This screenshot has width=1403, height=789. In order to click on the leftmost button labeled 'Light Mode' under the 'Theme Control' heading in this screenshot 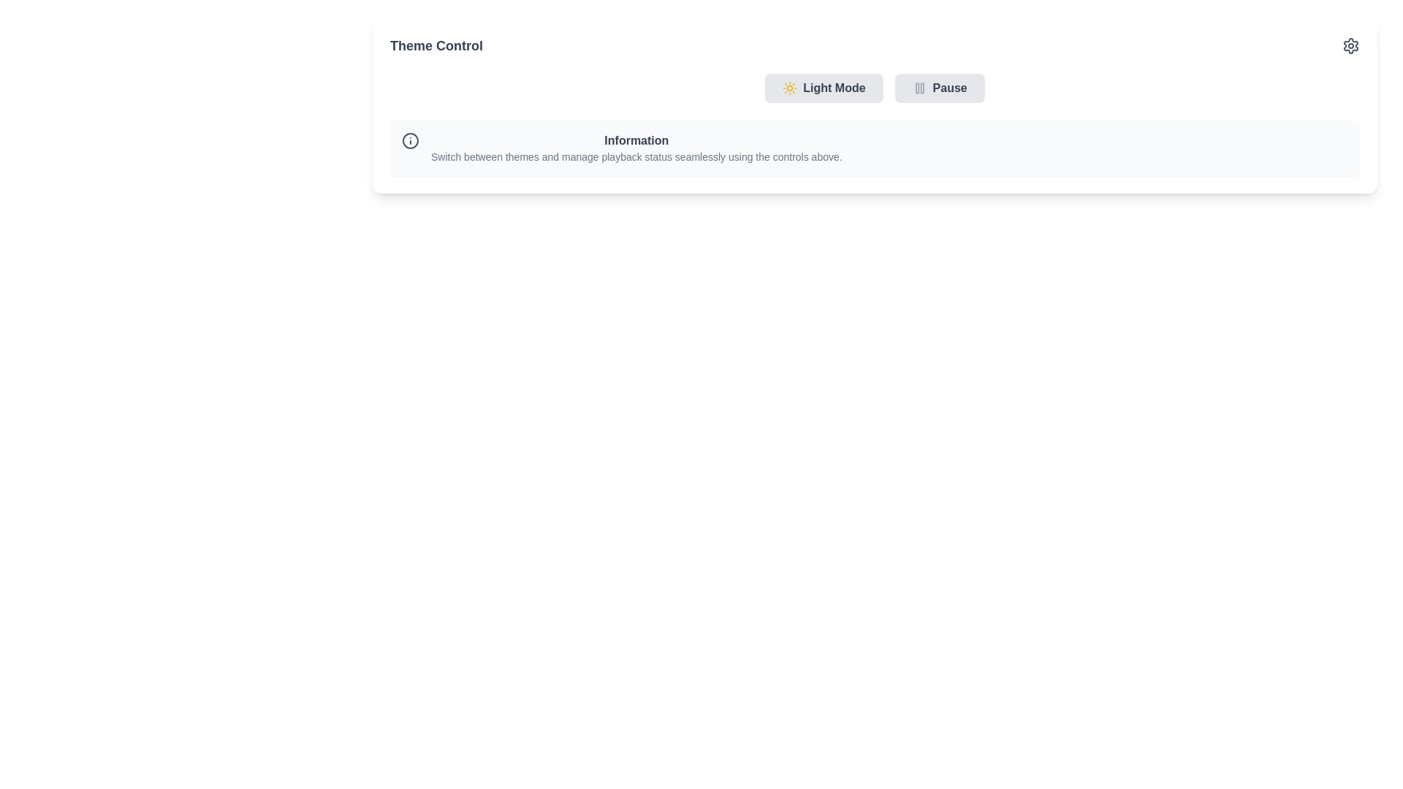, I will do `click(824, 88)`.